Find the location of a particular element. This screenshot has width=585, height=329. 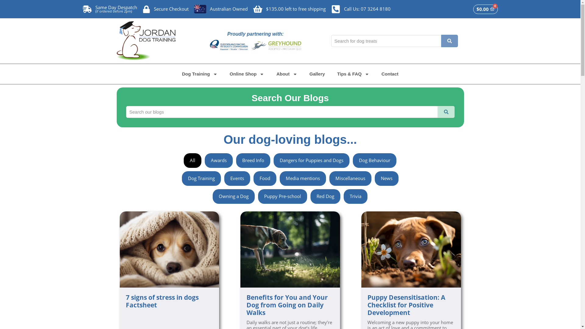

'Media mentions' is located at coordinates (303, 178).